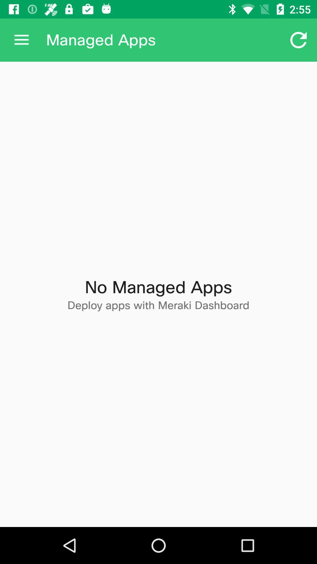  Describe the element at coordinates (21, 40) in the screenshot. I see `icon next to managed apps item` at that location.